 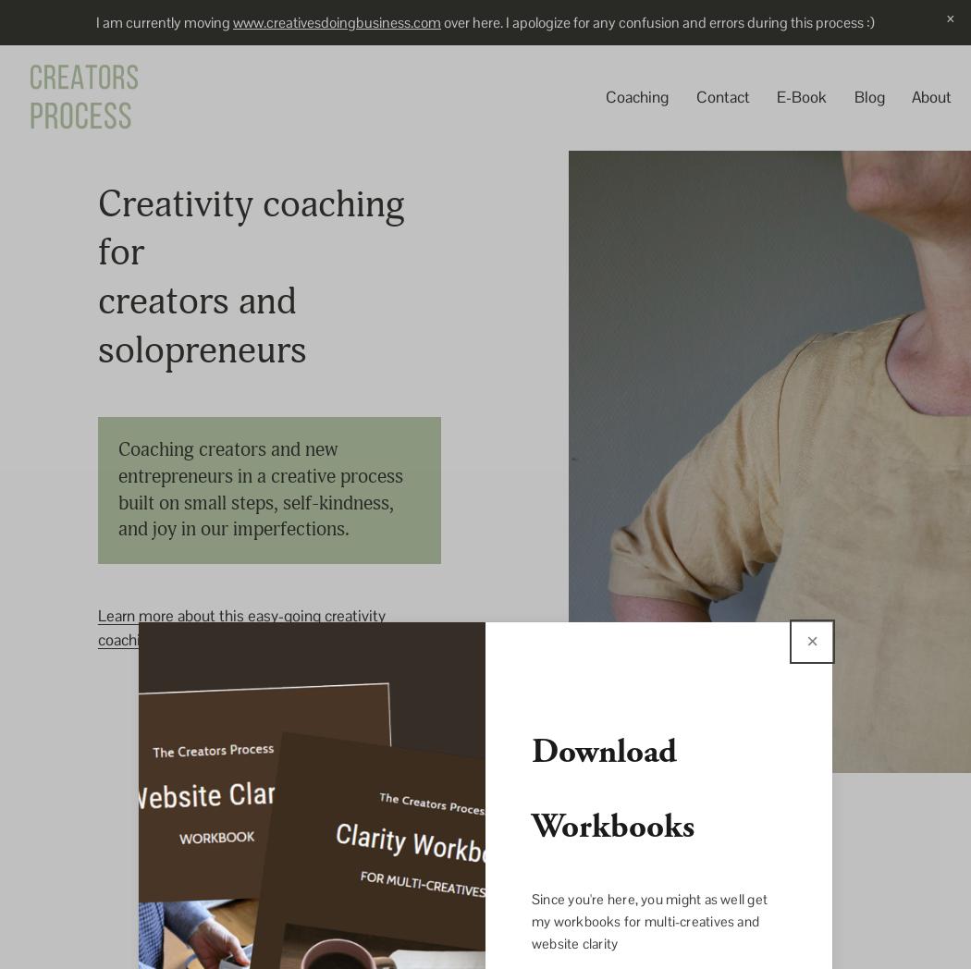 I want to click on 'I am currently moving', so click(x=164, y=20).